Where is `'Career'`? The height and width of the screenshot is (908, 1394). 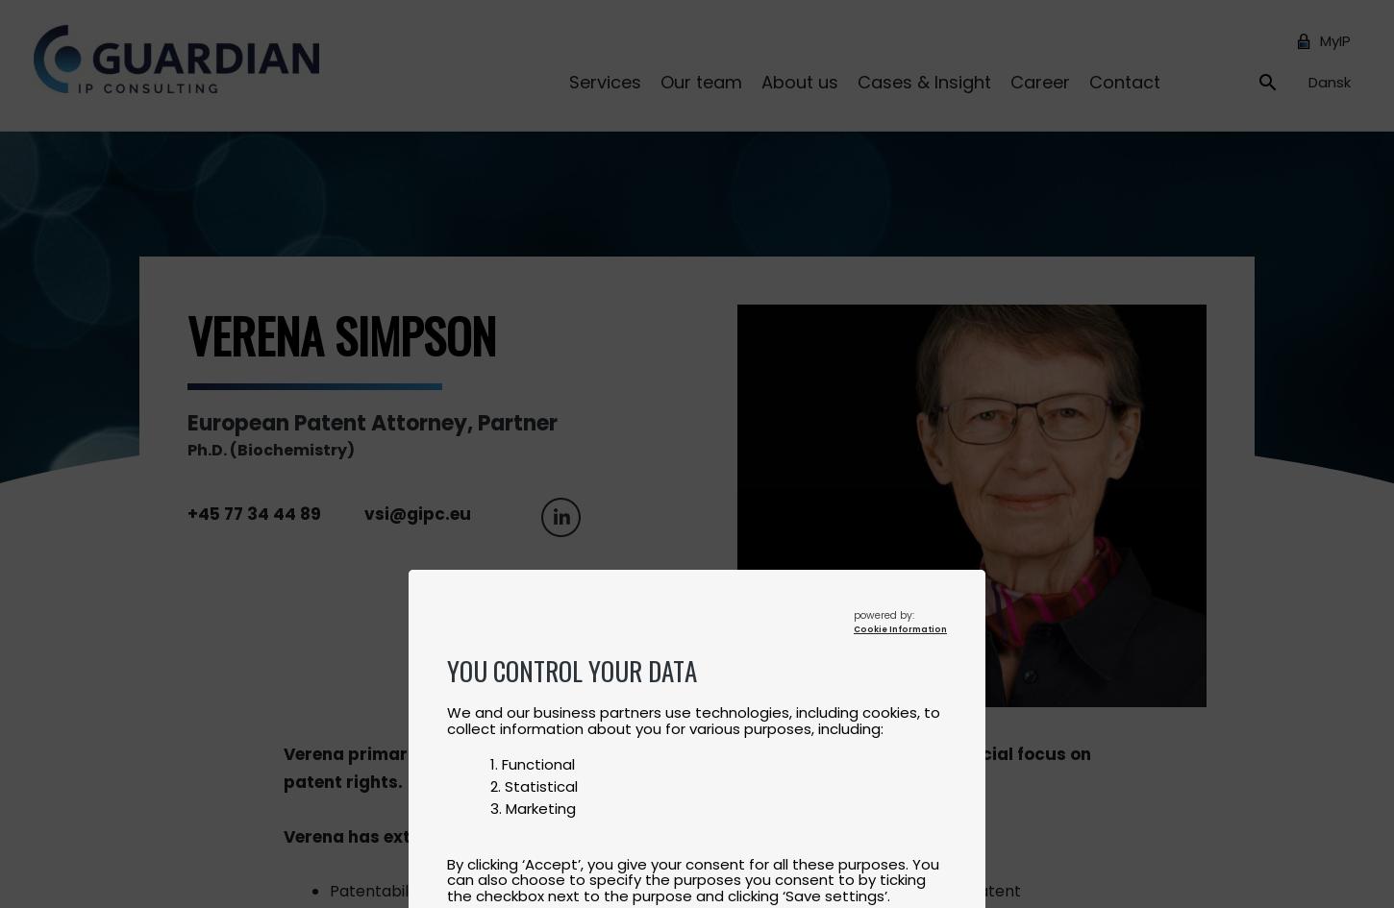
'Career' is located at coordinates (1039, 80).